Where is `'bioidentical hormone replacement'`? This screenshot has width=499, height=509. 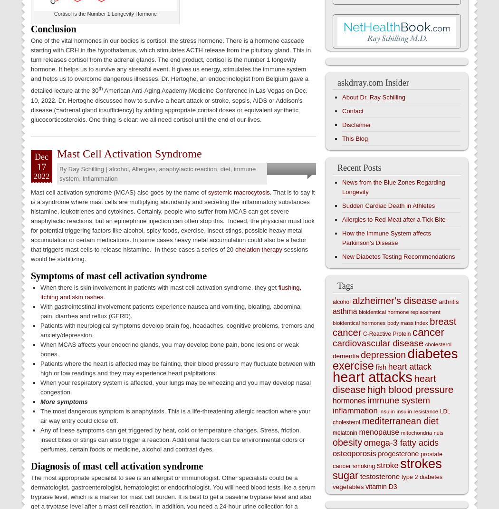 'bioidentical hormone replacement' is located at coordinates (399, 312).